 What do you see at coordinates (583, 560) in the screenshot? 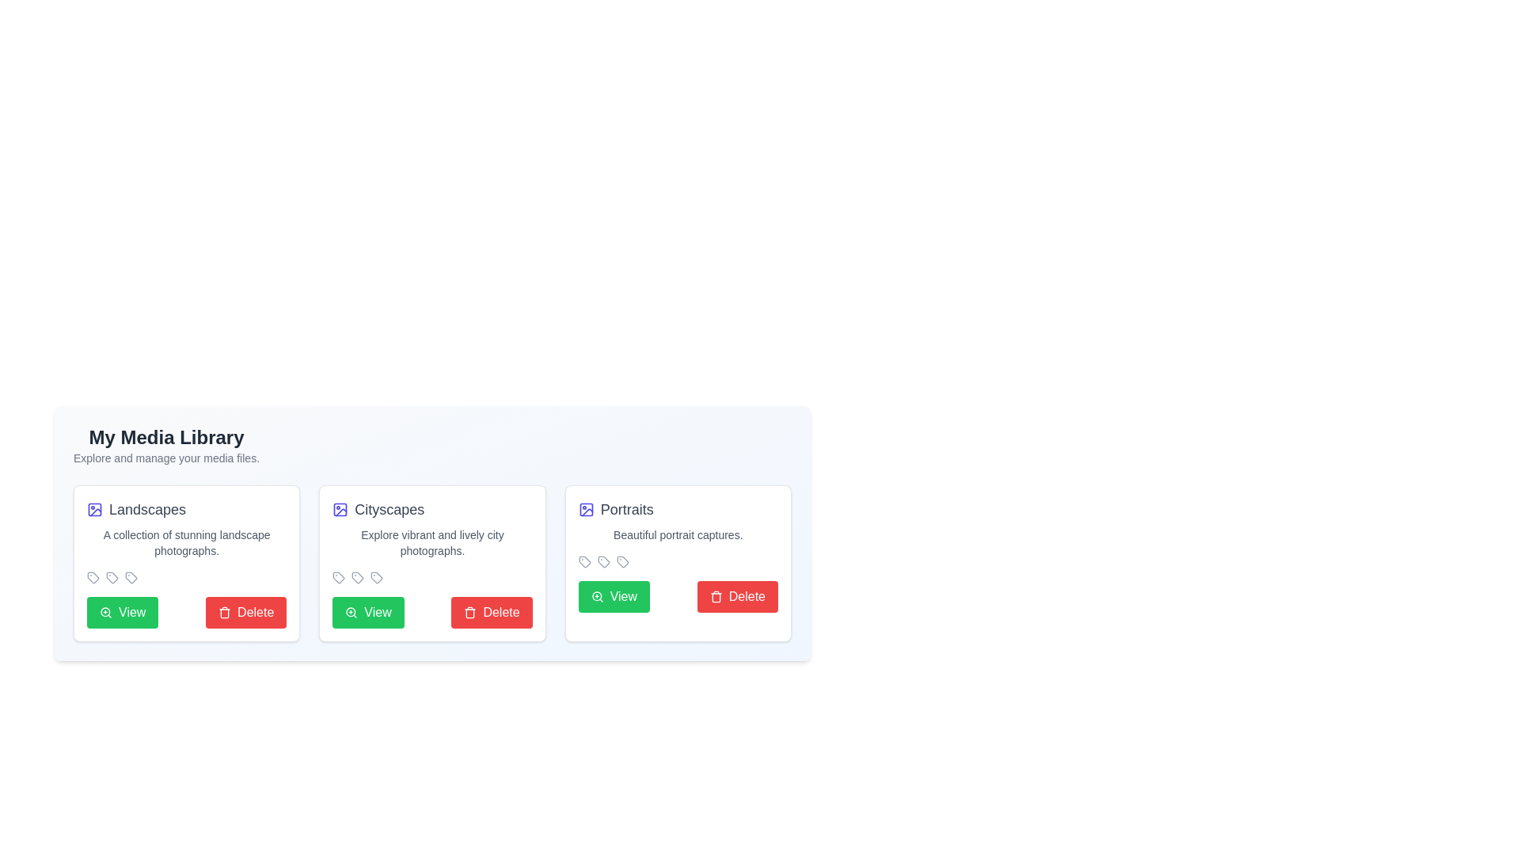
I see `tagging icon located at the top left corner of the 'Portraits' card in the media library interface` at bounding box center [583, 560].